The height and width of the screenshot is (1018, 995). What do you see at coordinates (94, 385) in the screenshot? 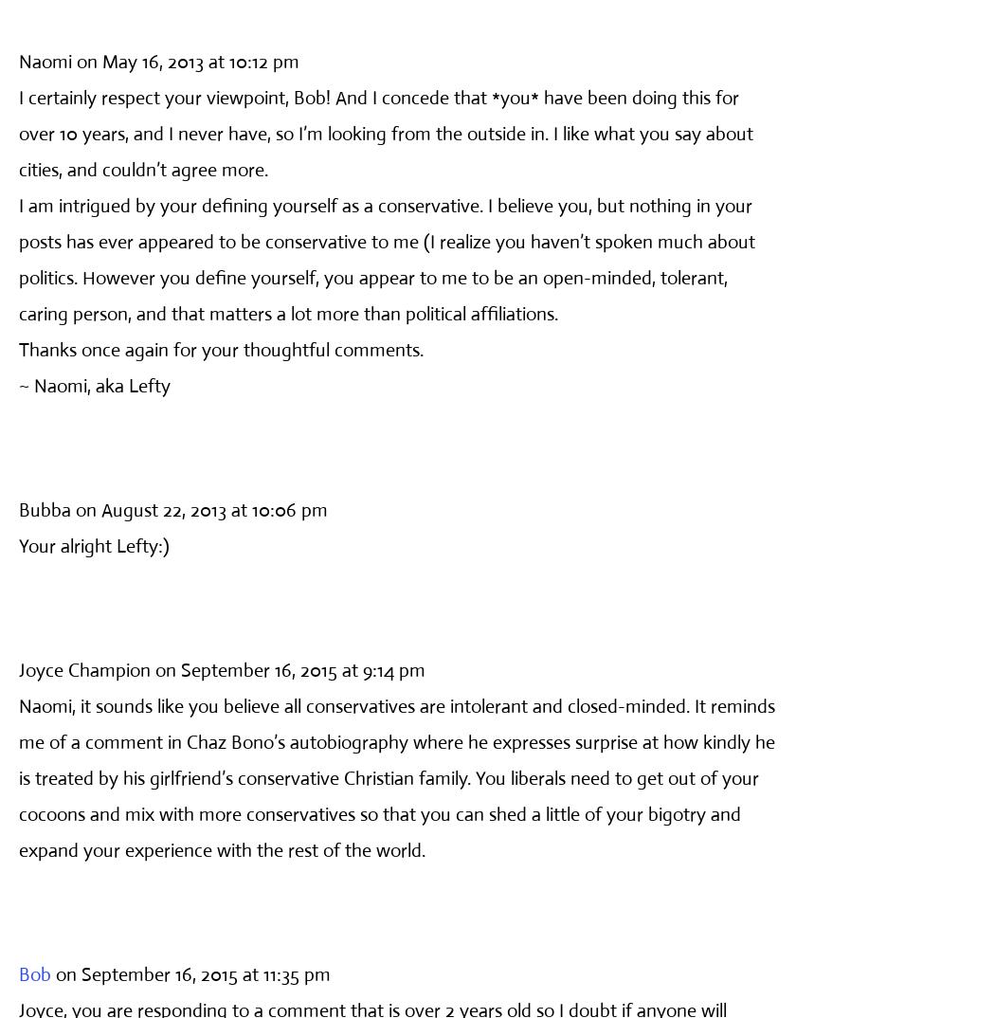
I see `'~ Naomi, aka Lefty'` at bounding box center [94, 385].